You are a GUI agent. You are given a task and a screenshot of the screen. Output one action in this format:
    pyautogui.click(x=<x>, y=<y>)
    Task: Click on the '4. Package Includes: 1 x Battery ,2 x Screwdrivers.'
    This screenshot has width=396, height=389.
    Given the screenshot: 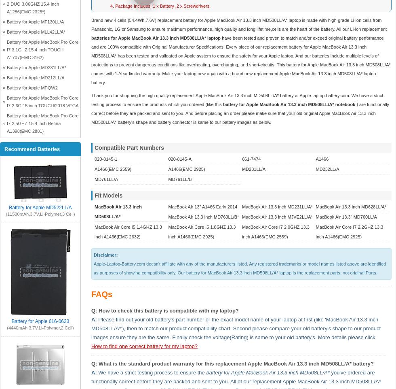 What is the action you would take?
    pyautogui.click(x=160, y=5)
    